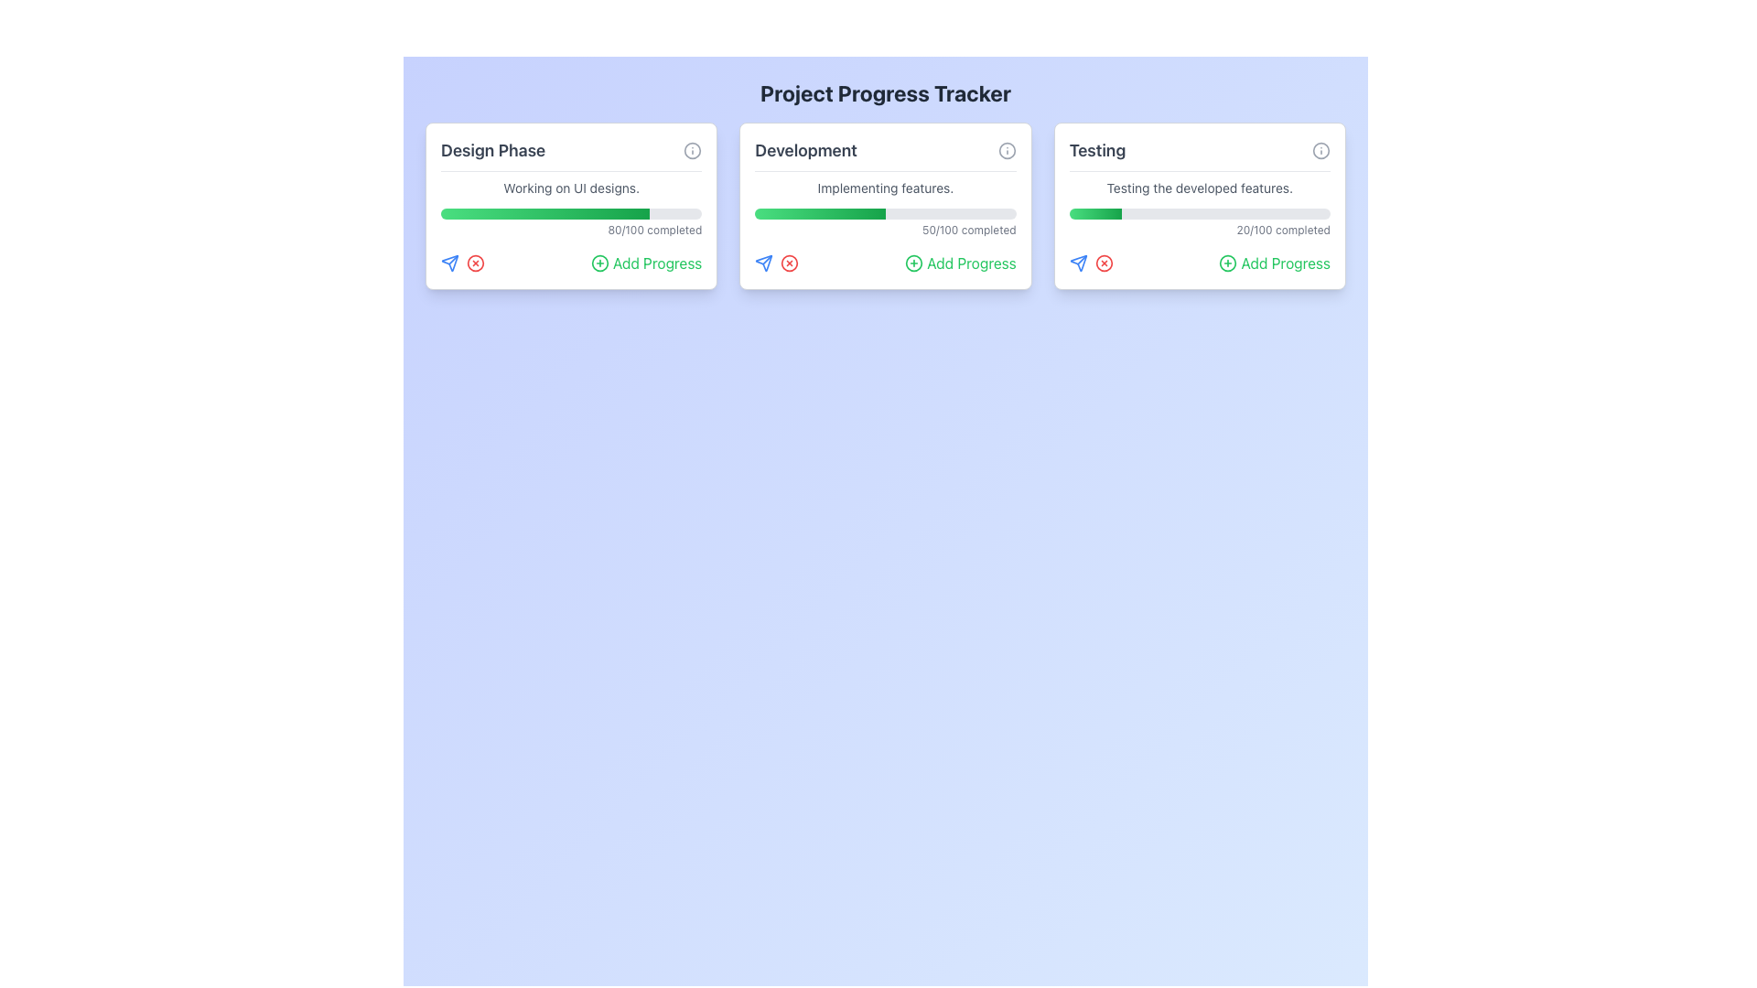 The width and height of the screenshot is (1757, 988). What do you see at coordinates (599, 263) in the screenshot?
I see `the interactive button to the left of the 'Add Progress' text within the 'Design Phase' project card to initiate adding progress` at bounding box center [599, 263].